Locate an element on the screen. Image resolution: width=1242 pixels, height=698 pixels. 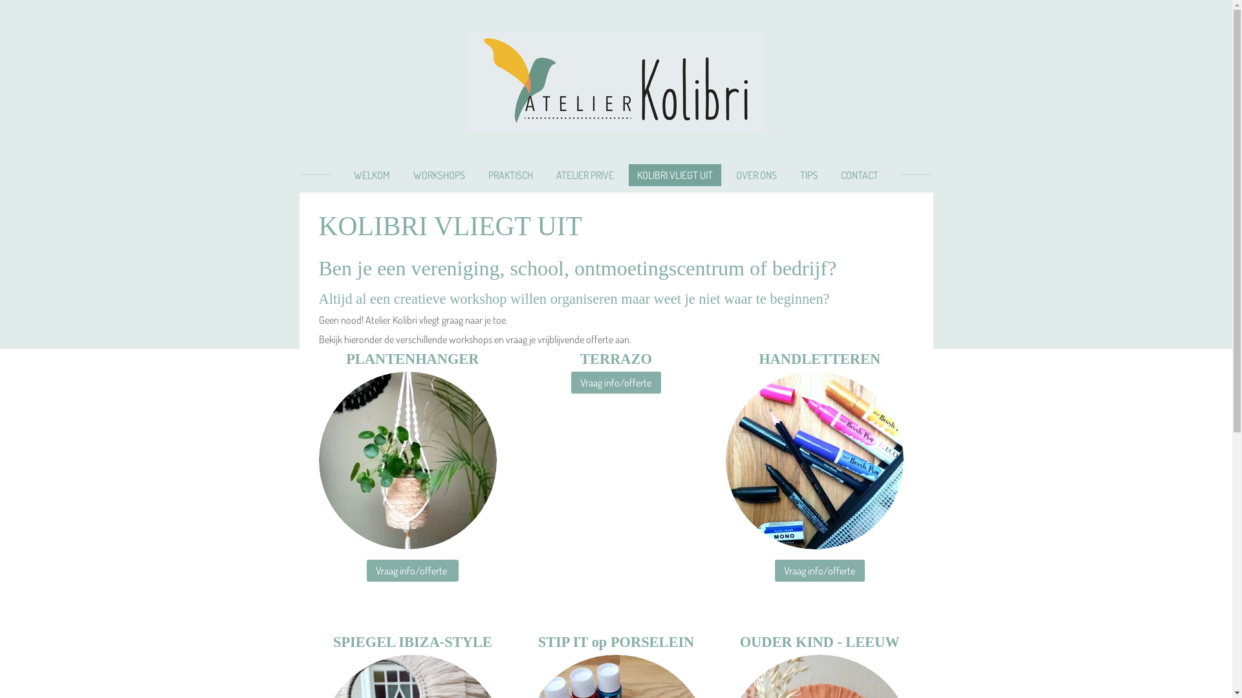
'Vraag info/offerte' is located at coordinates (615, 381).